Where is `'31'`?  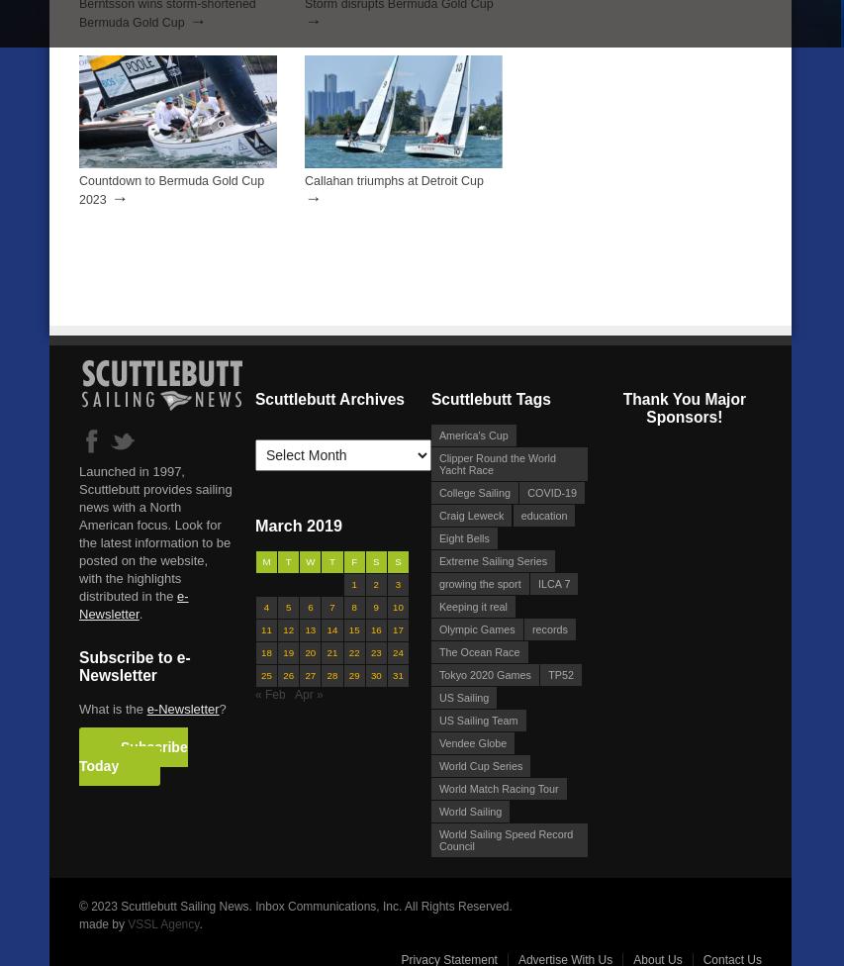 '31' is located at coordinates (397, 673).